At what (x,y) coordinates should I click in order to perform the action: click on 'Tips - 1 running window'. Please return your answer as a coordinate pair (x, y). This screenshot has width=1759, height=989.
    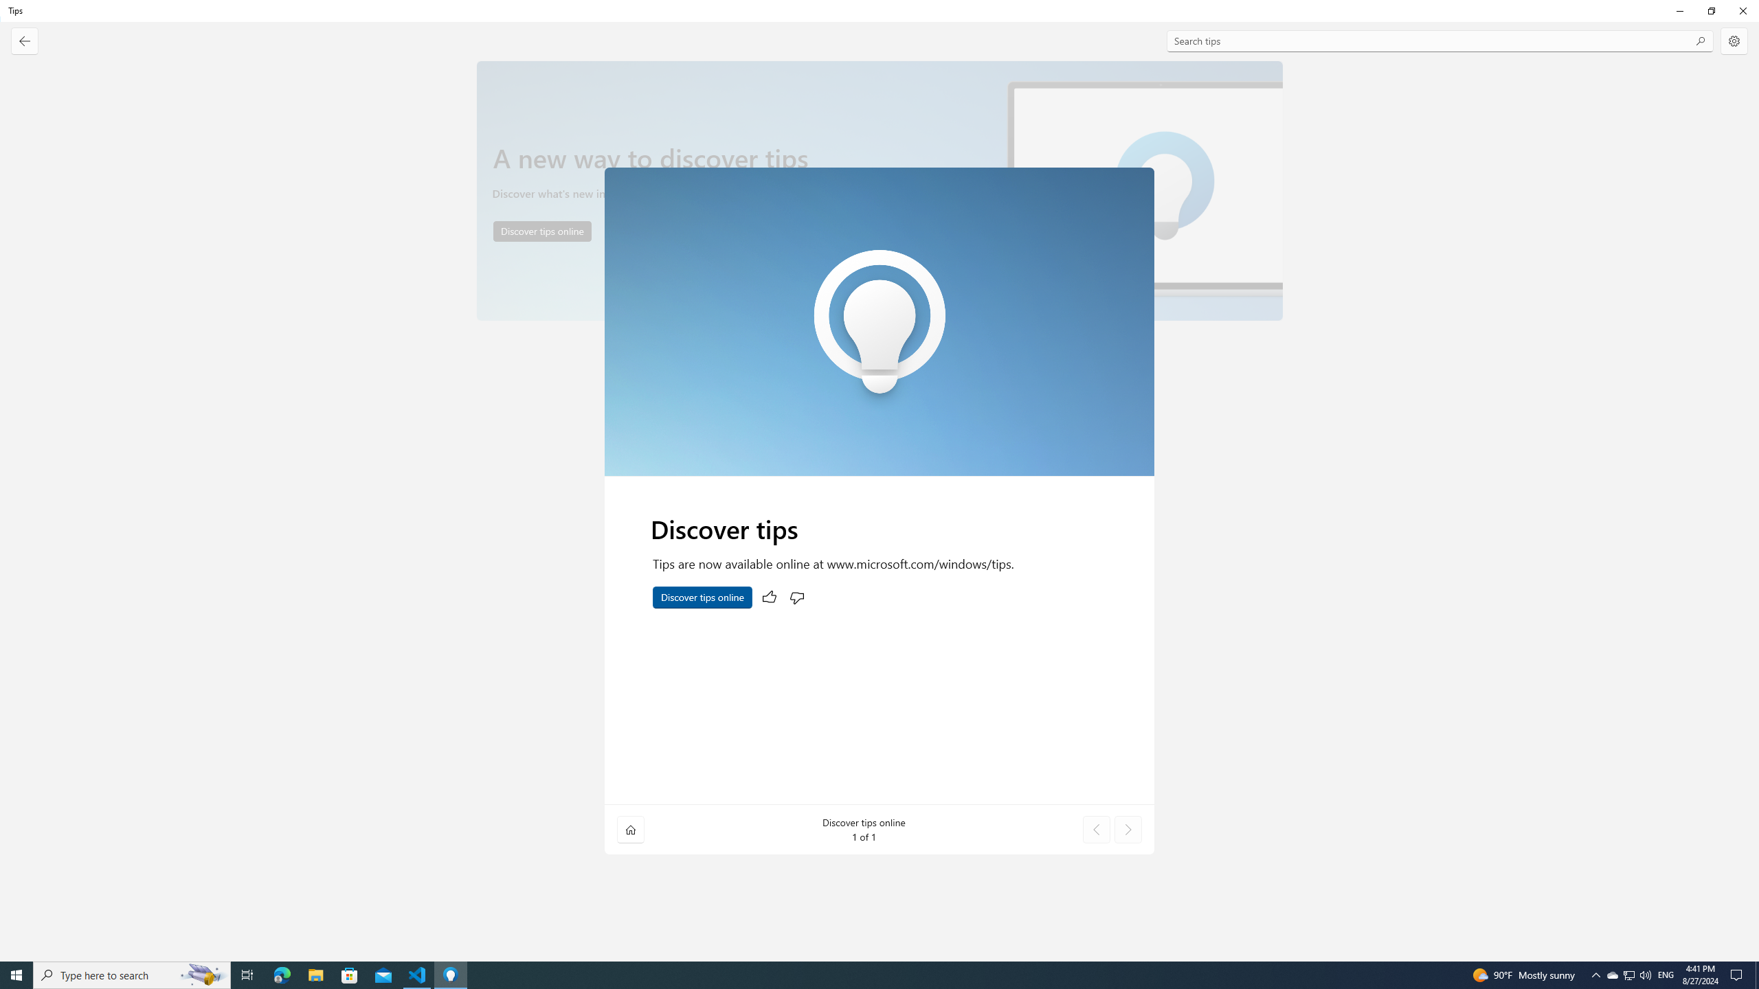
    Looking at the image, I should click on (451, 974).